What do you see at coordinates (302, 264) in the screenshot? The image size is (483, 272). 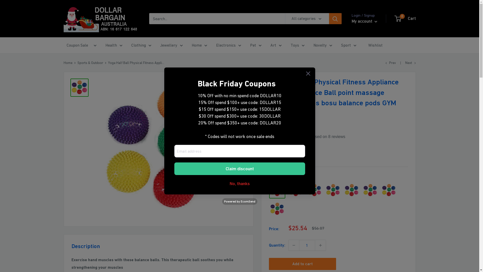 I see `'Add to cart'` at bounding box center [302, 264].